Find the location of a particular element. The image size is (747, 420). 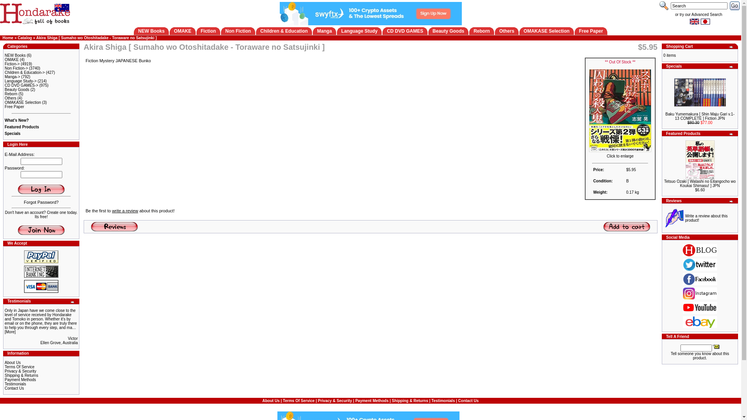

'Manga->' is located at coordinates (12, 77).